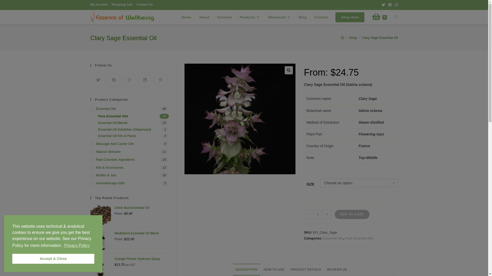  Describe the element at coordinates (53, 258) in the screenshot. I see `'Accept & Close'` at that location.